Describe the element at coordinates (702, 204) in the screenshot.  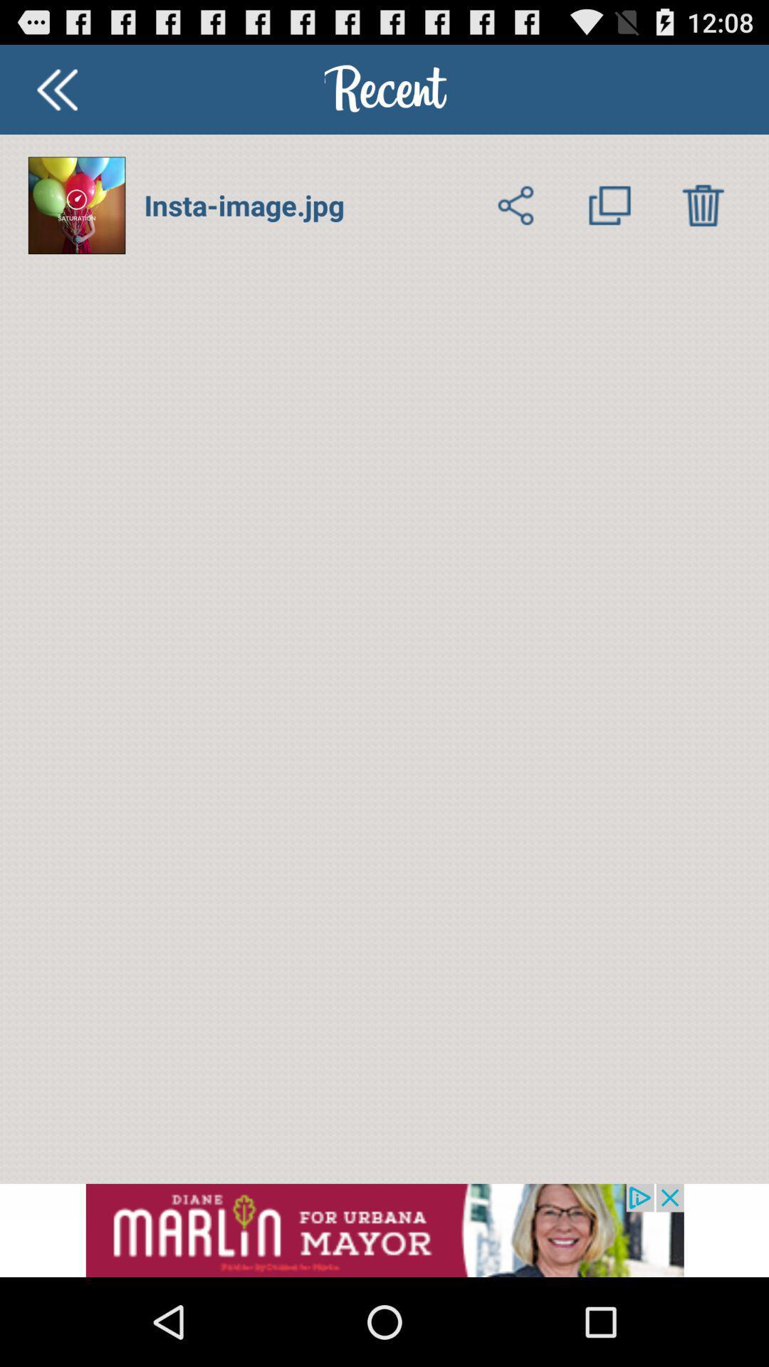
I see `delete image` at that location.